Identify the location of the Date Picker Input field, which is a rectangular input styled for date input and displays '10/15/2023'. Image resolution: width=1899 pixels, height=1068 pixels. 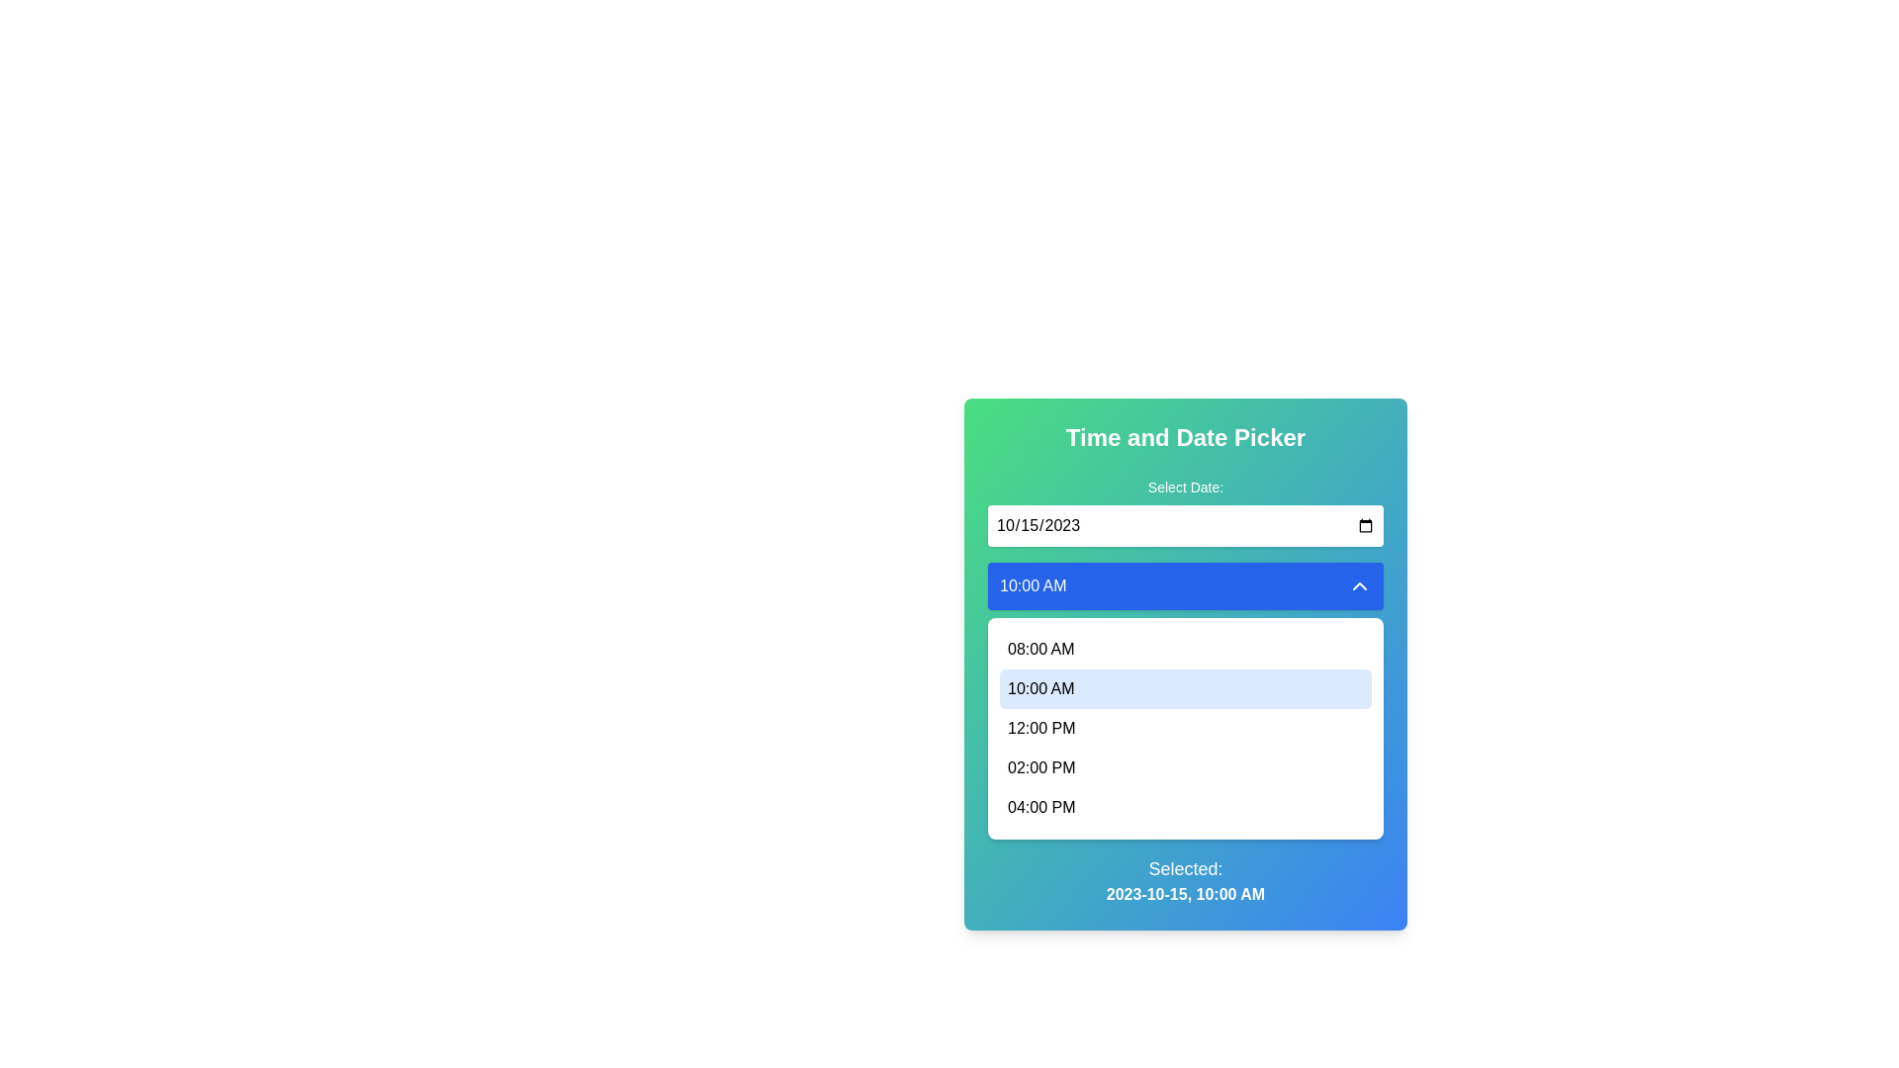
(1186, 525).